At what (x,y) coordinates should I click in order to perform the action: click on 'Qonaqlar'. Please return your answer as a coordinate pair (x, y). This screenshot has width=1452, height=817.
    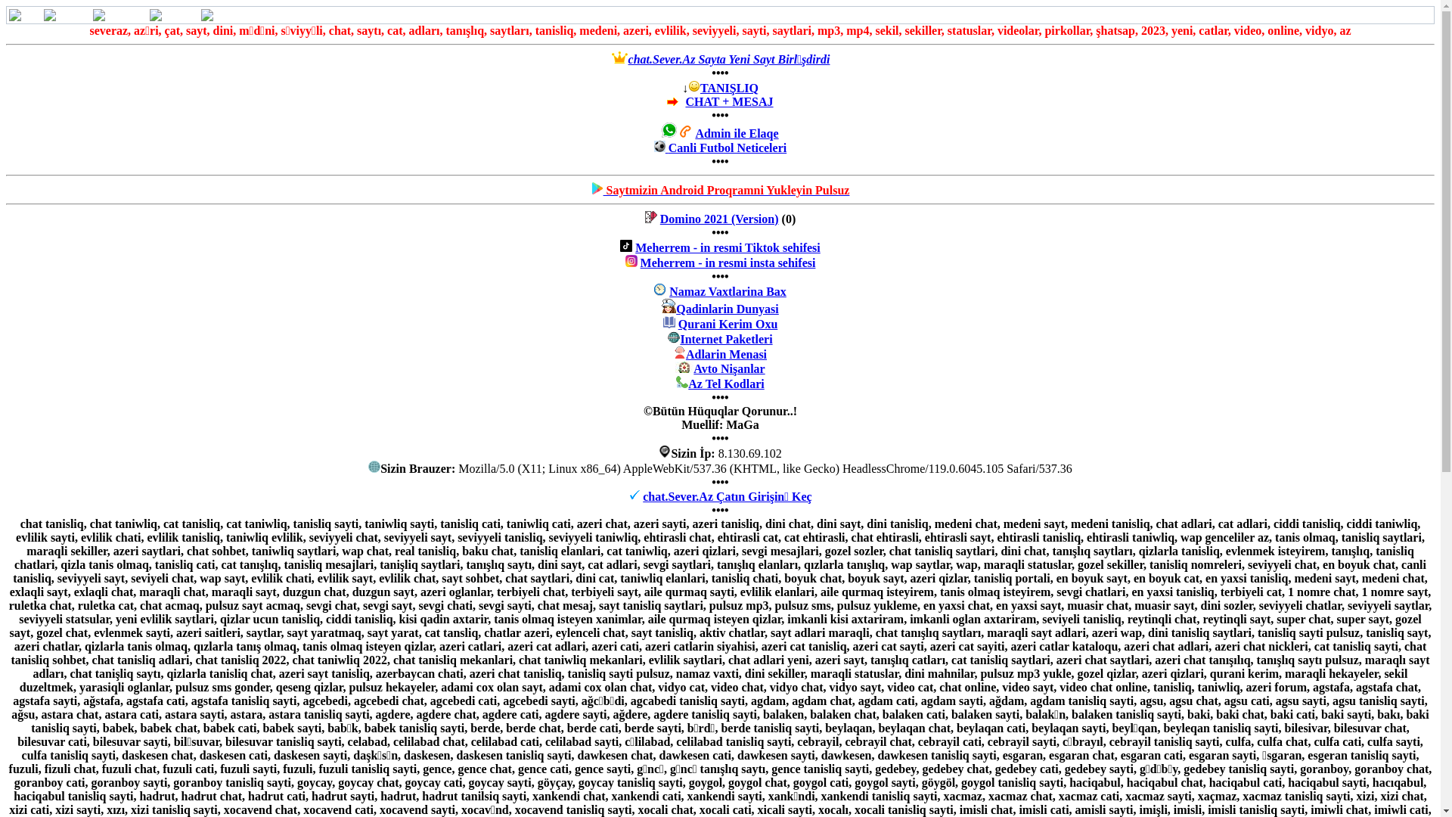
    Looking at the image, I should click on (149, 14).